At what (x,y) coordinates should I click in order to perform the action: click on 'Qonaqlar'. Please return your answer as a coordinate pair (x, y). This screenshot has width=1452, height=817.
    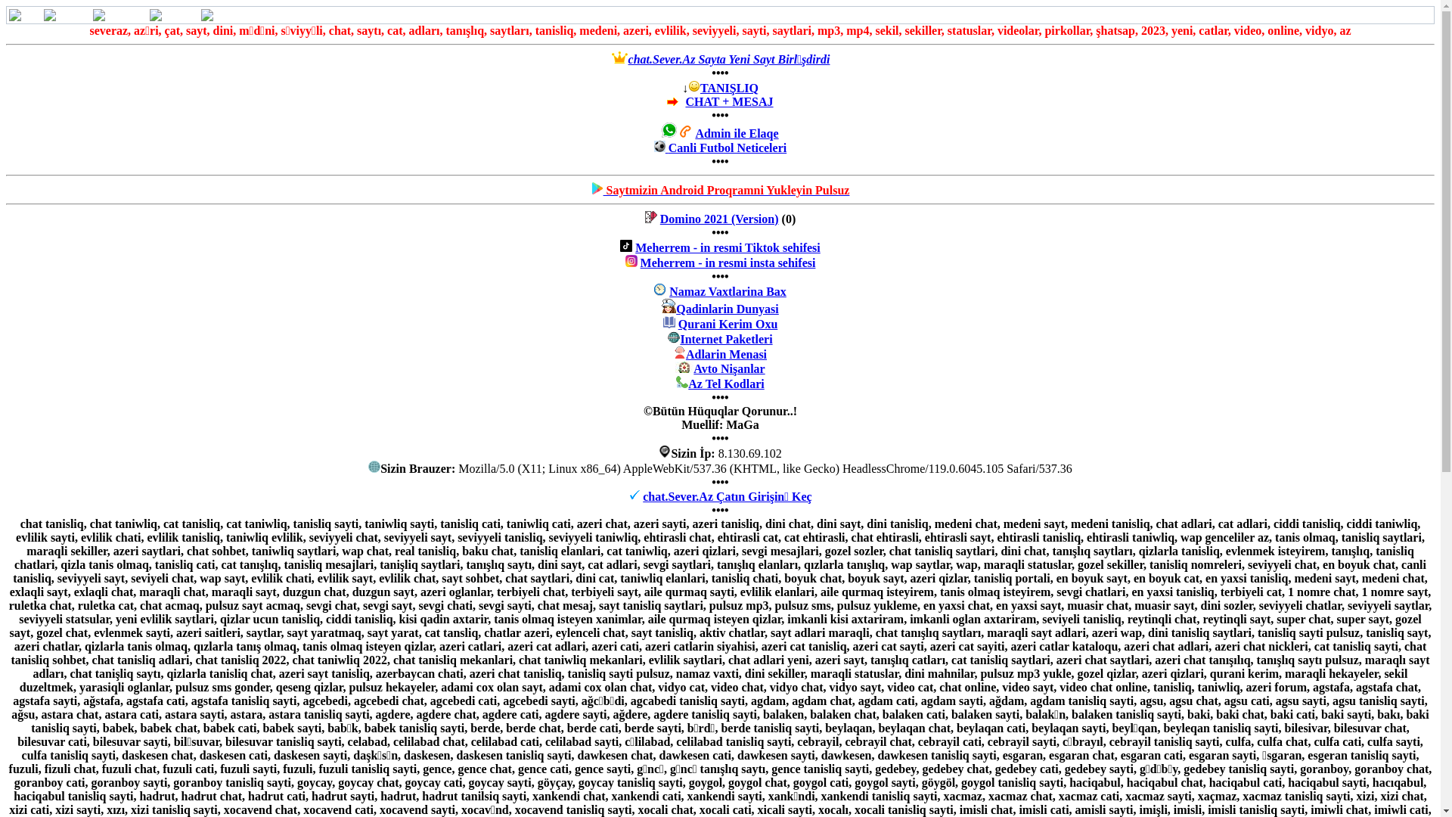
    Looking at the image, I should click on (149, 14).